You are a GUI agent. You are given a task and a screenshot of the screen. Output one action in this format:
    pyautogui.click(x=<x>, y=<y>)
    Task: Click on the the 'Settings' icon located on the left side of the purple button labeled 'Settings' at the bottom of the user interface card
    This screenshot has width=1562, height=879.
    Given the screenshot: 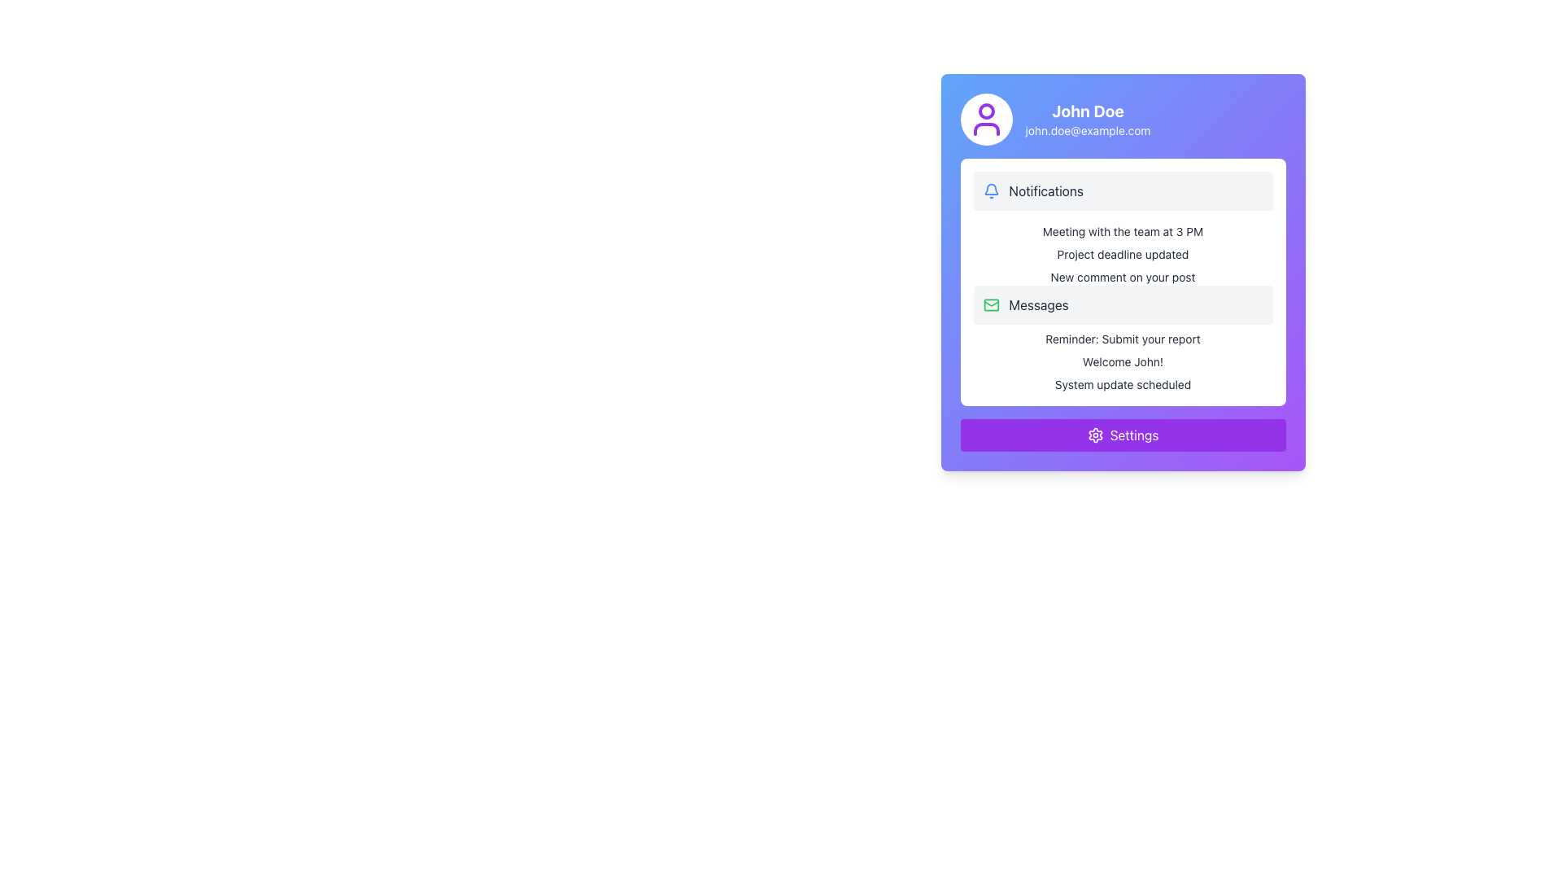 What is the action you would take?
    pyautogui.click(x=1095, y=435)
    